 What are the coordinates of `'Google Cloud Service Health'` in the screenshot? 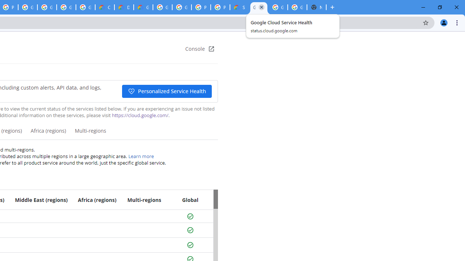 It's located at (259, 7).